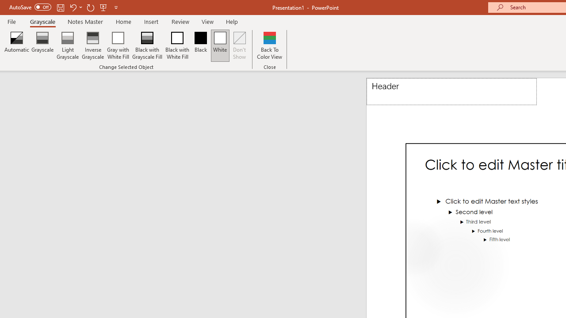 This screenshot has height=318, width=566. I want to click on 'Black', so click(200, 45).